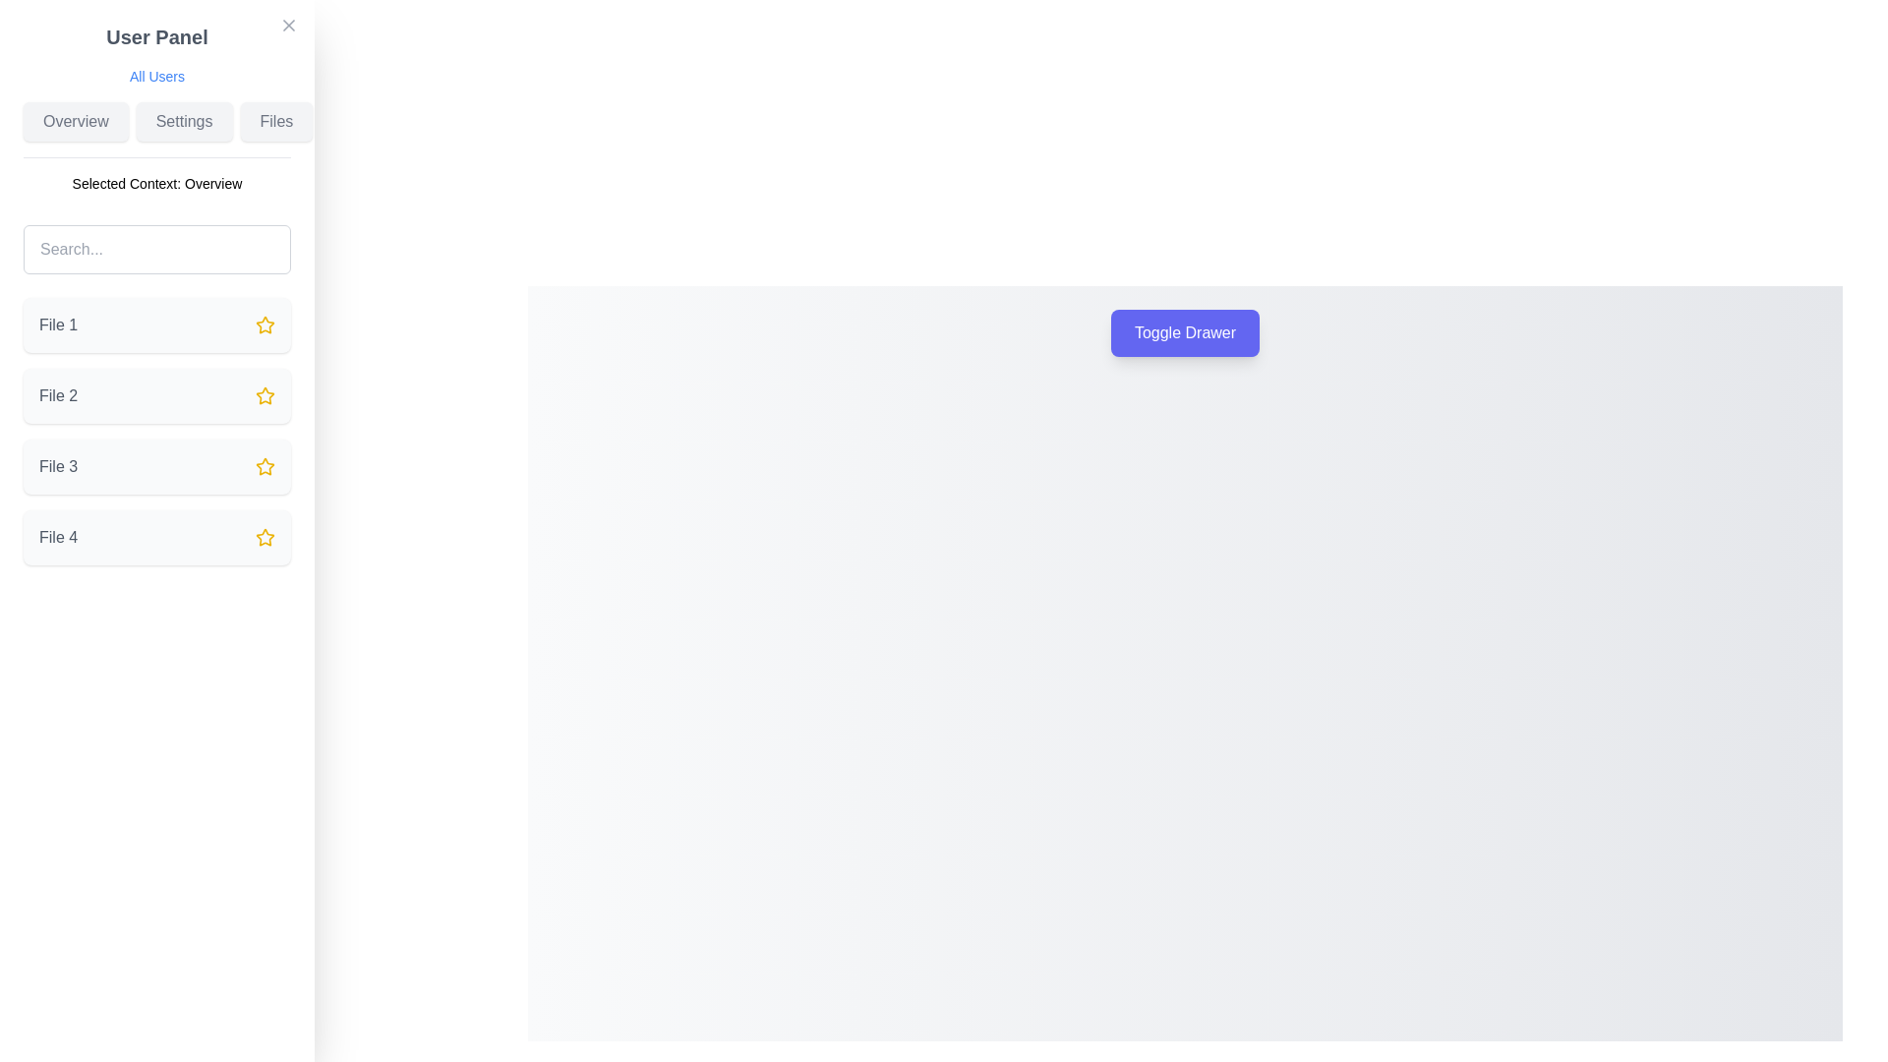  Describe the element at coordinates (264, 395) in the screenshot. I see `the star-shaped icon to the right of the 'File 2' label in the 'User Panel'` at that location.